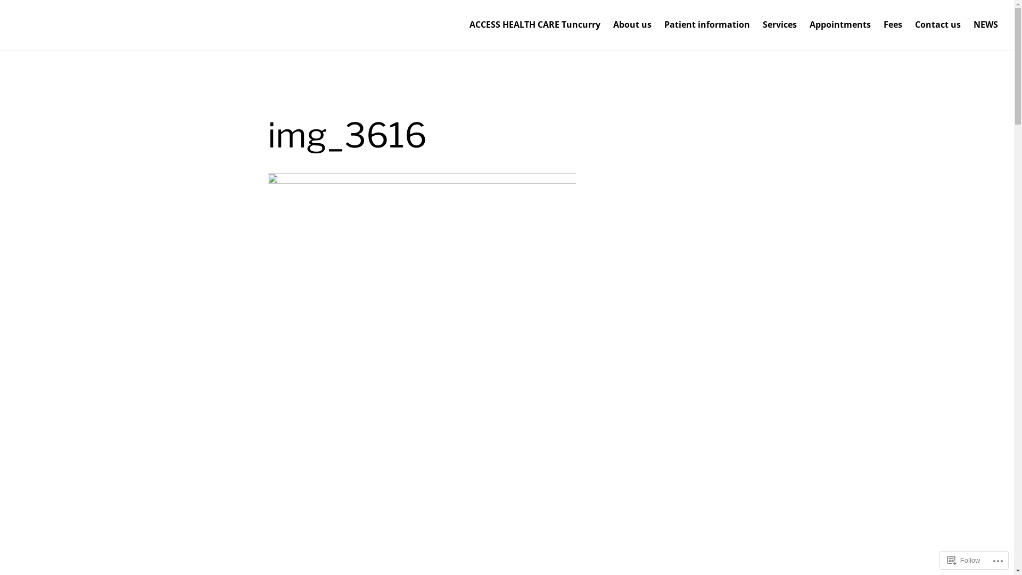  Describe the element at coordinates (937, 24) in the screenshot. I see `'Contact us'` at that location.